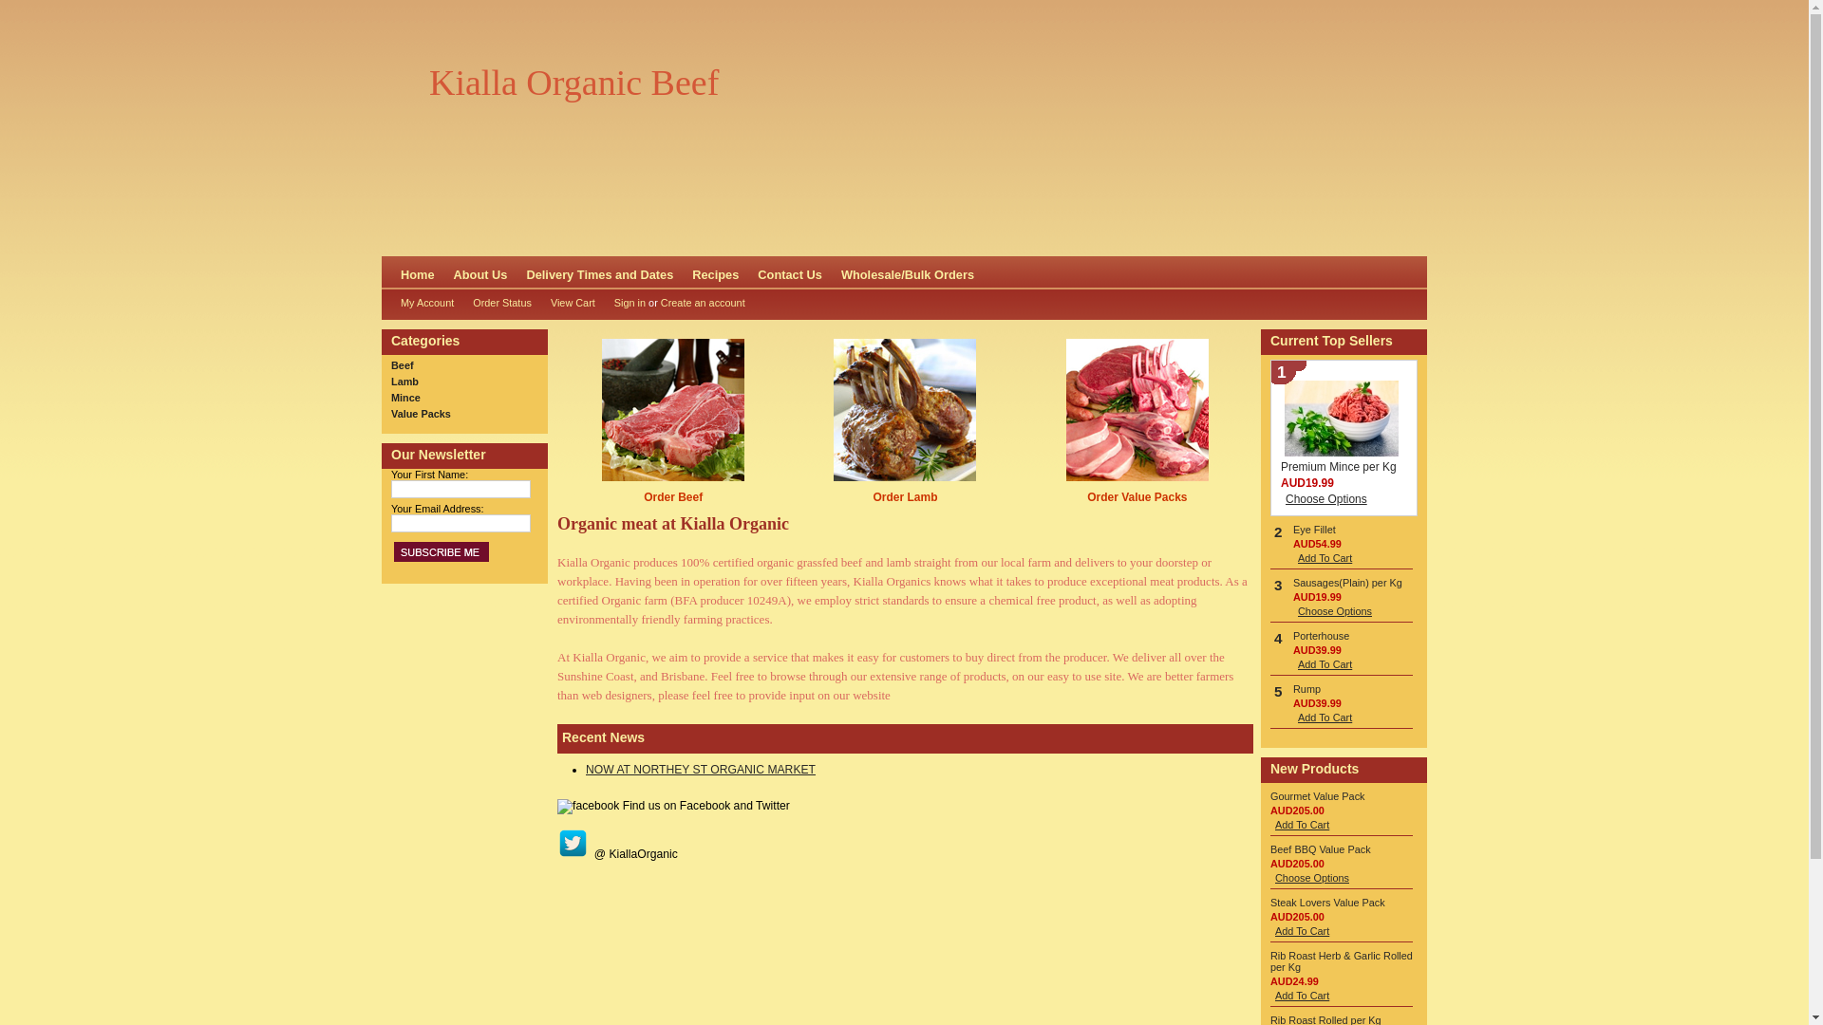 The width and height of the screenshot is (1823, 1025). I want to click on 'Porterhouse', so click(1320, 636).